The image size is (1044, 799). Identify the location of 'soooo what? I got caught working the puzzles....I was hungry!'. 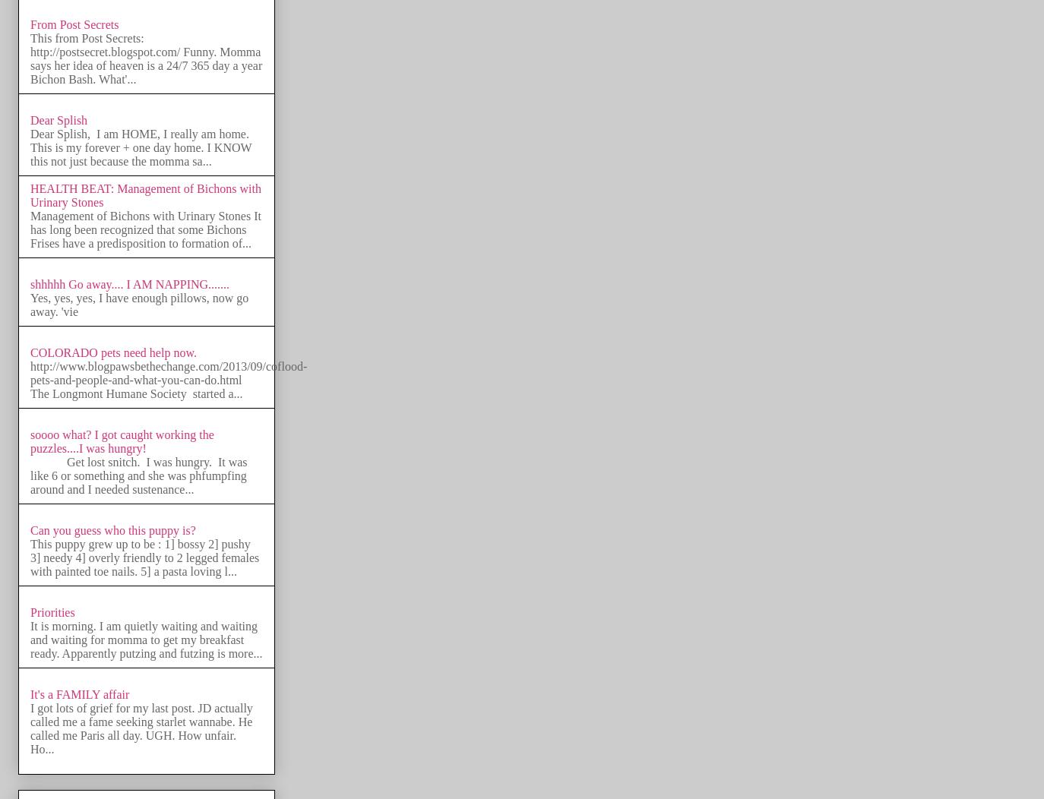
(29, 441).